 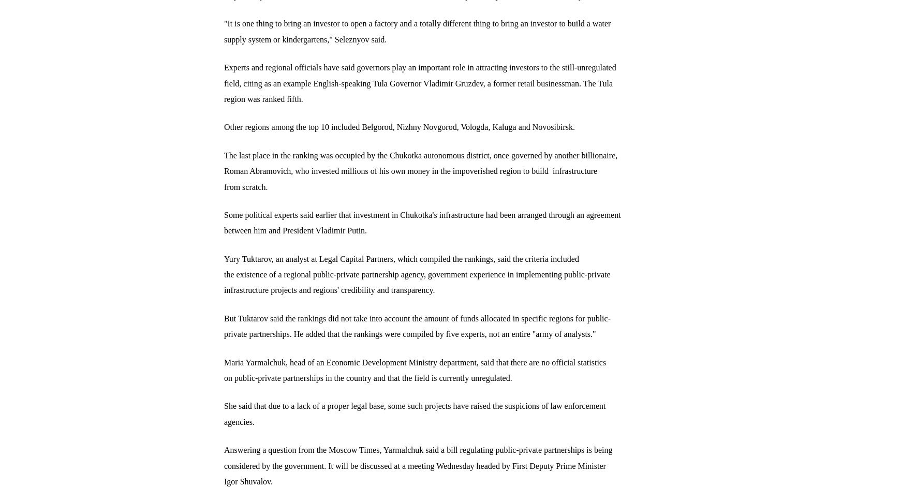 What do you see at coordinates (415, 414) in the screenshot?
I see `'She said that due to a lack of a proper legal base, some such projects have raised the suspicions of law enforcement agencies.'` at bounding box center [415, 414].